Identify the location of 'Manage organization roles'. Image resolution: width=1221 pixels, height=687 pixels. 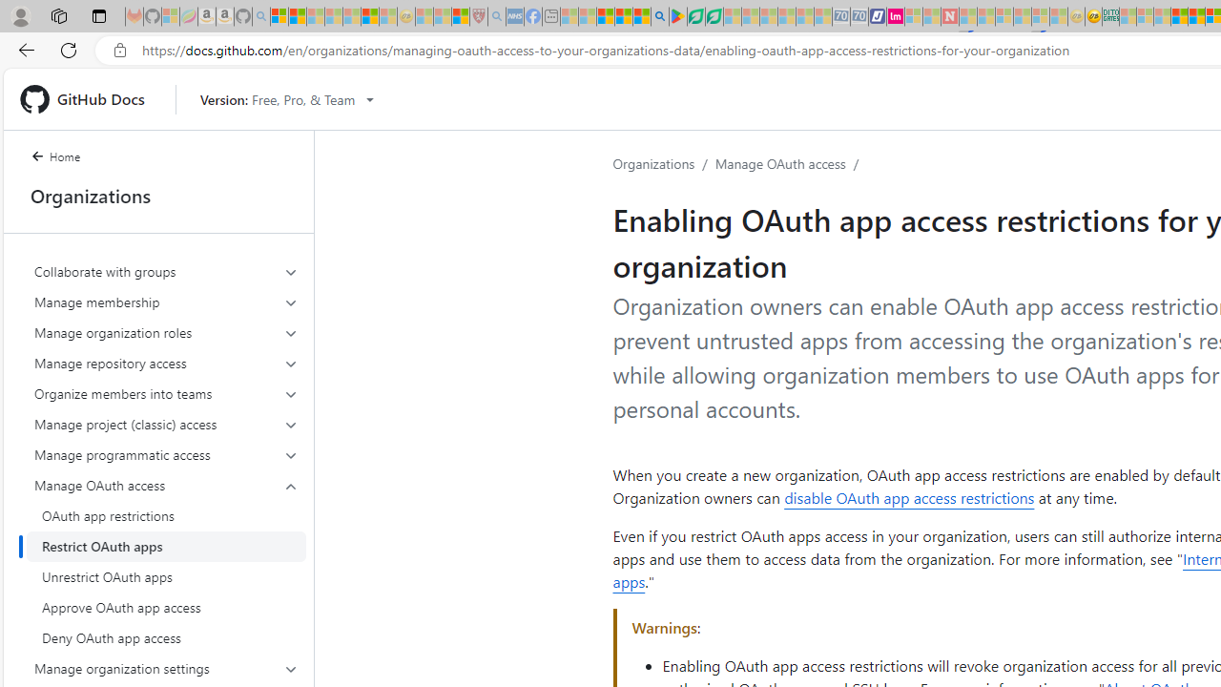
(166, 331).